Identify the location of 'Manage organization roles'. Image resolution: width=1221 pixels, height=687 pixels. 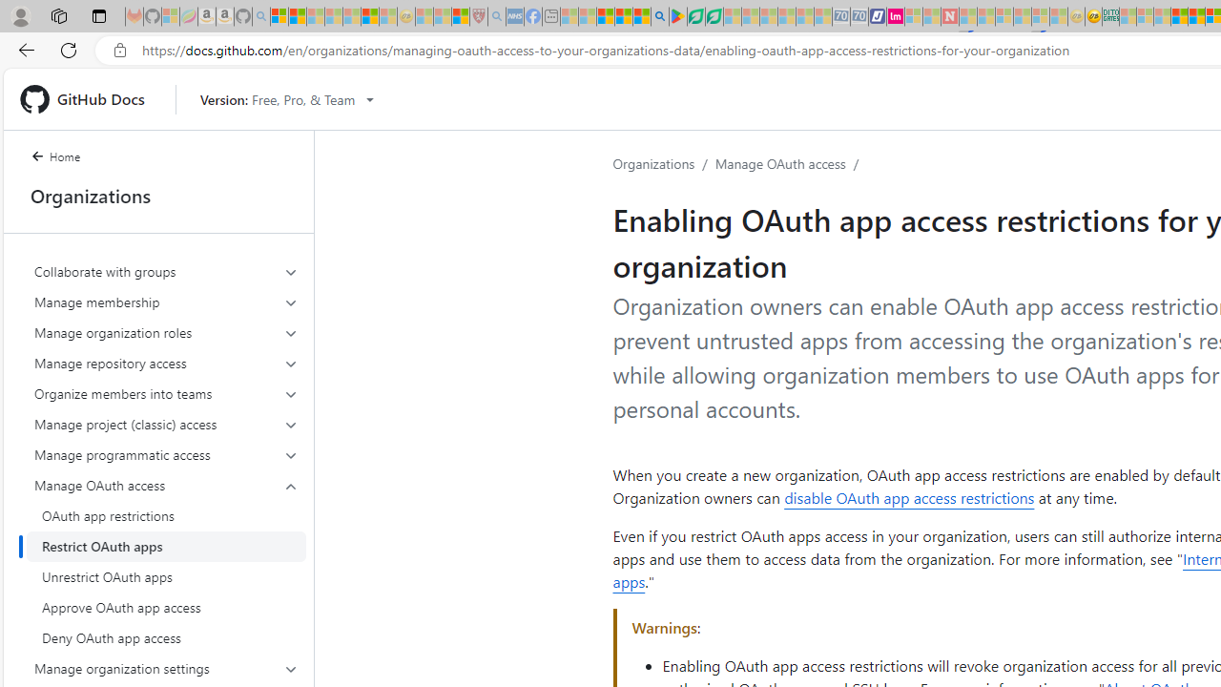
(166, 331).